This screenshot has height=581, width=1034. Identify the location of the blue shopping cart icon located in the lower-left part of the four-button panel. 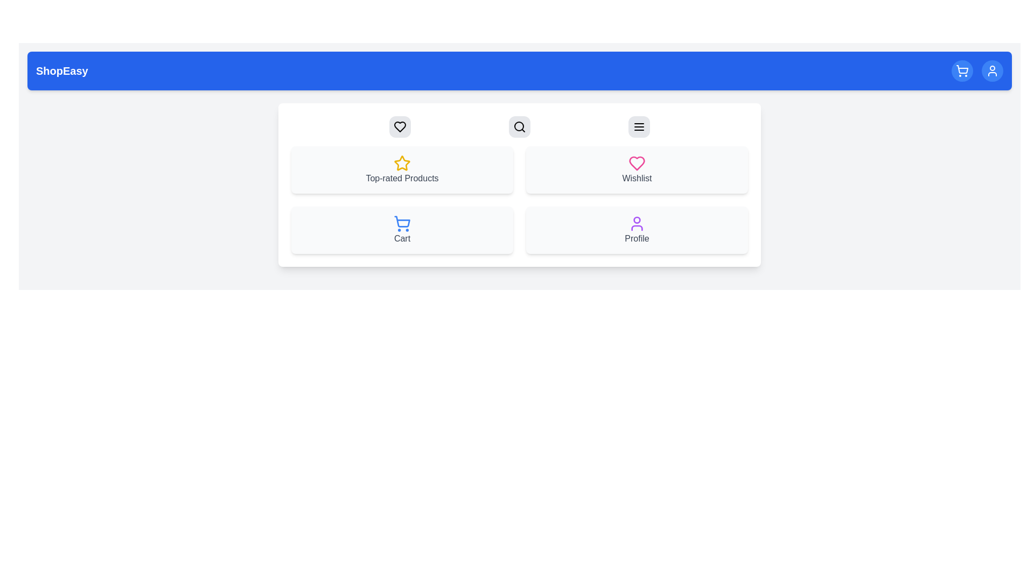
(402, 223).